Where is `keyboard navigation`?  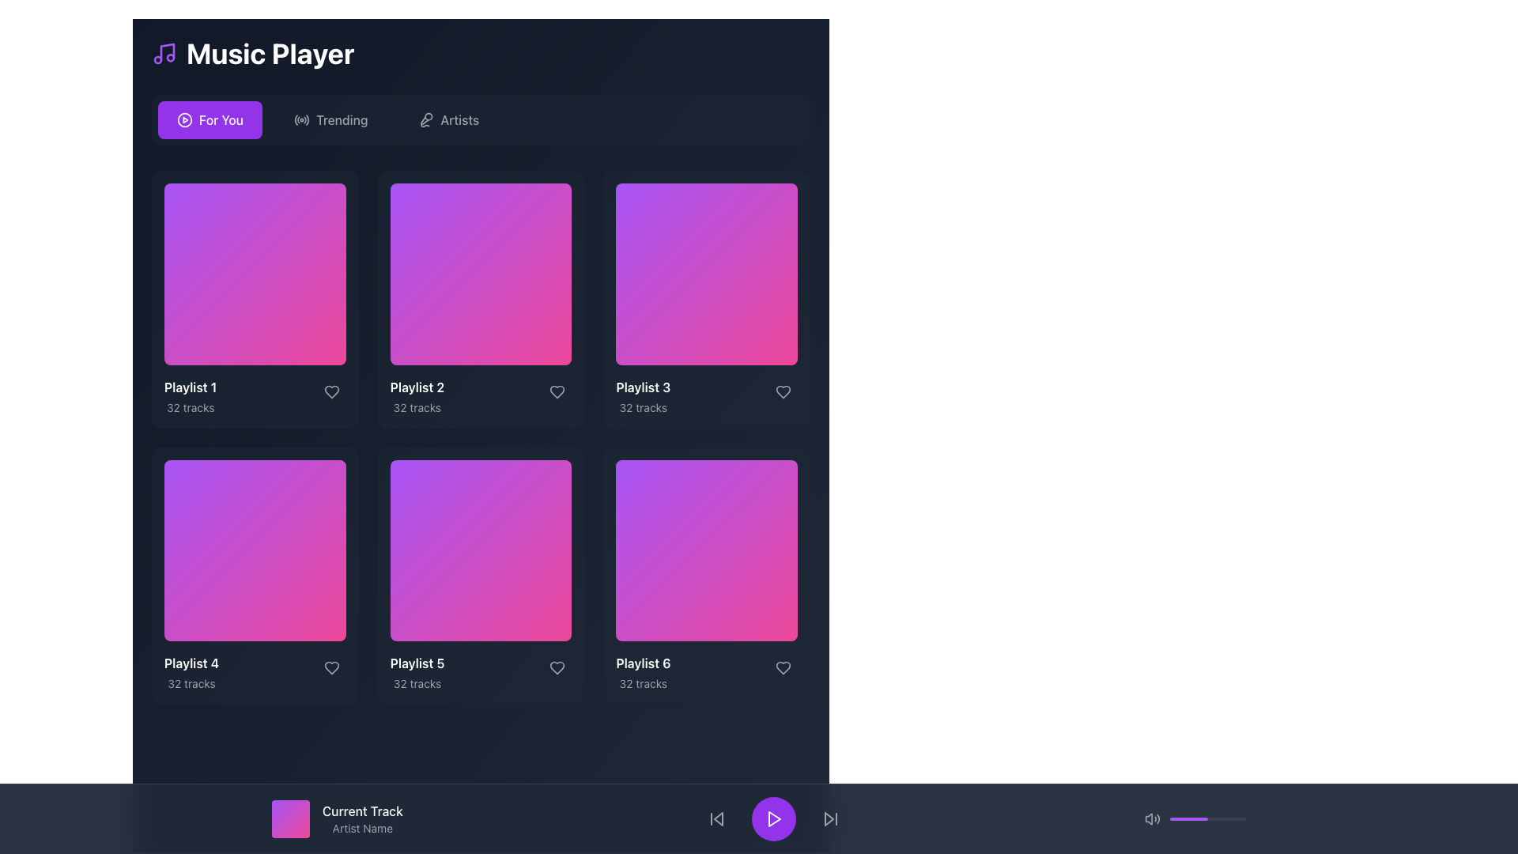 keyboard navigation is located at coordinates (829, 818).